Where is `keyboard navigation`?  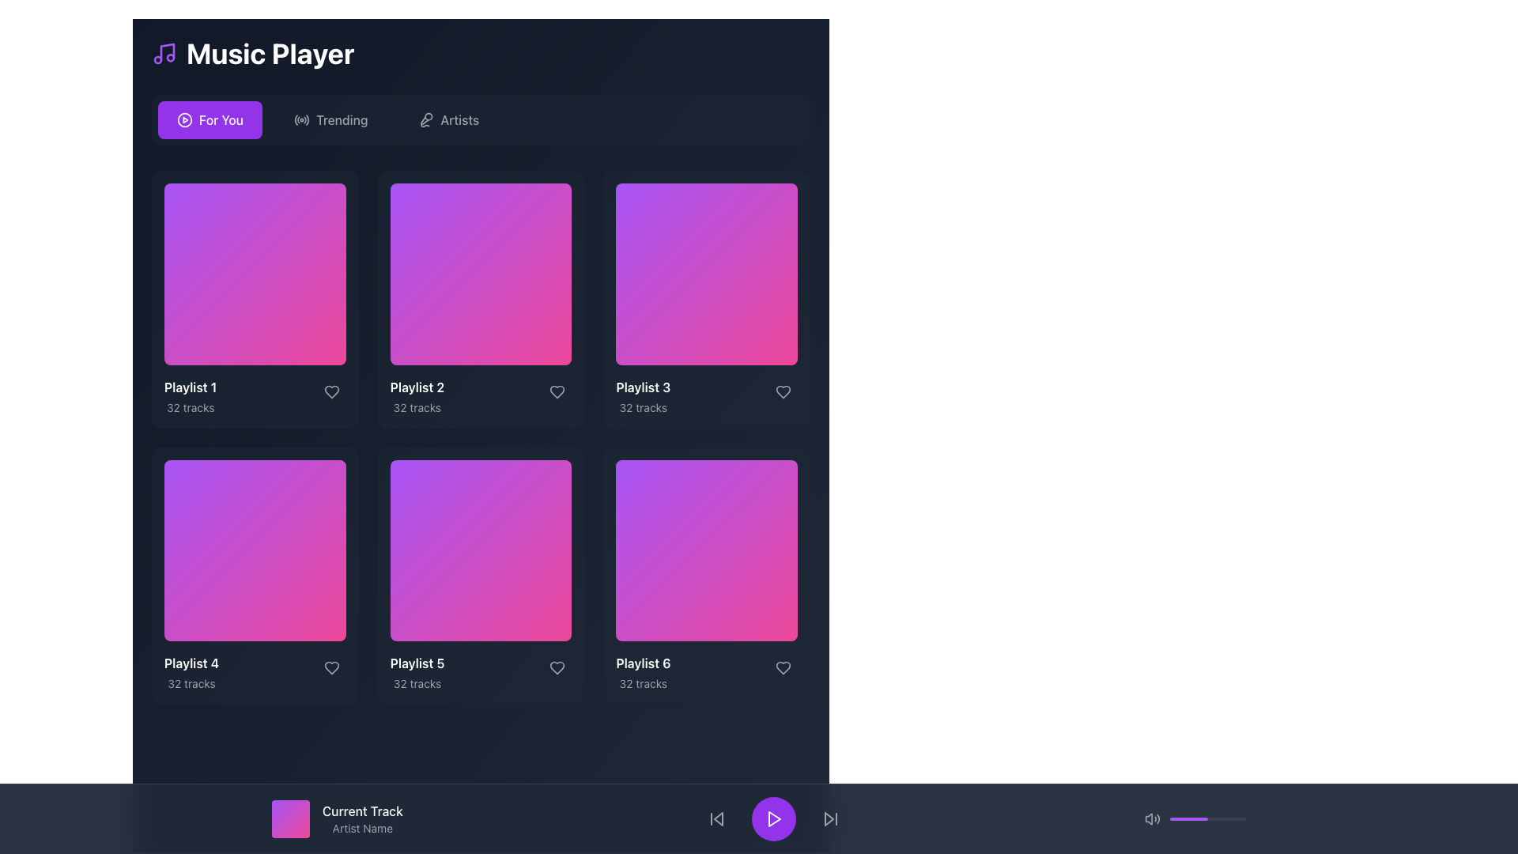 keyboard navigation is located at coordinates (829, 818).